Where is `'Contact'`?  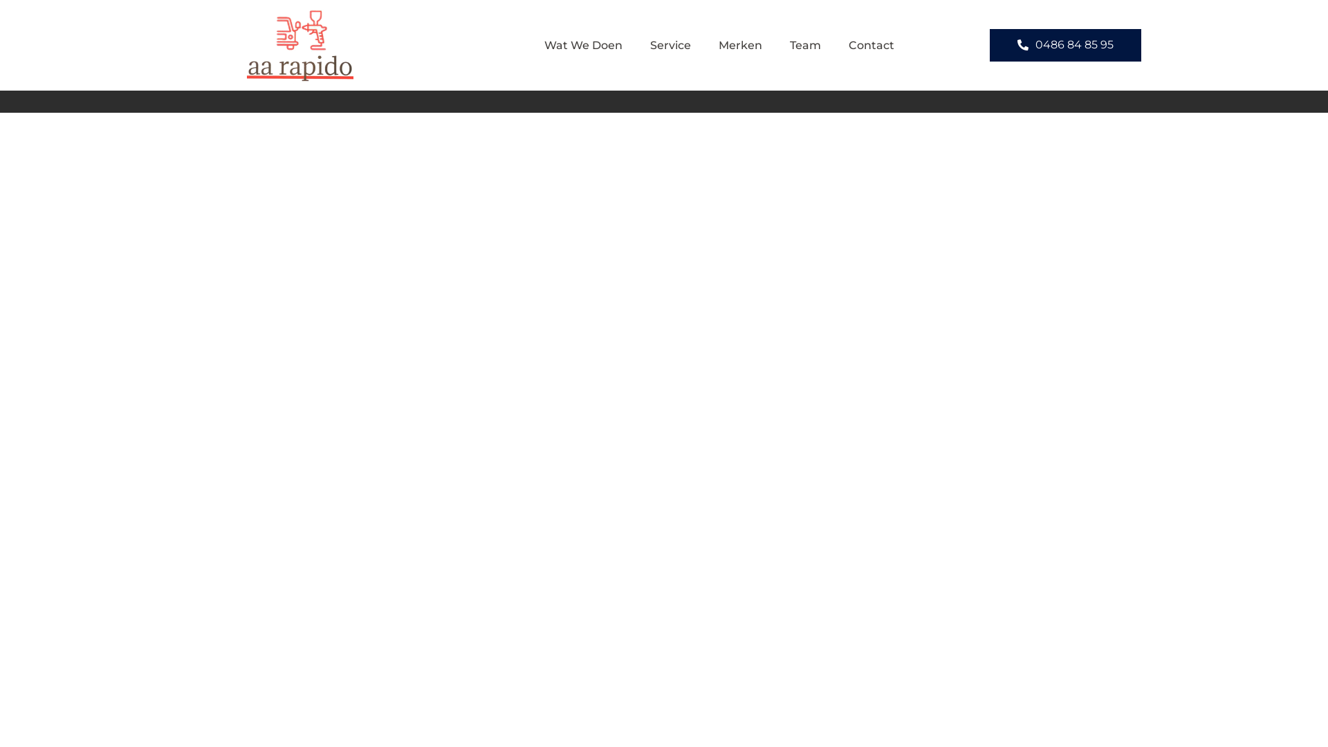 'Contact' is located at coordinates (870, 44).